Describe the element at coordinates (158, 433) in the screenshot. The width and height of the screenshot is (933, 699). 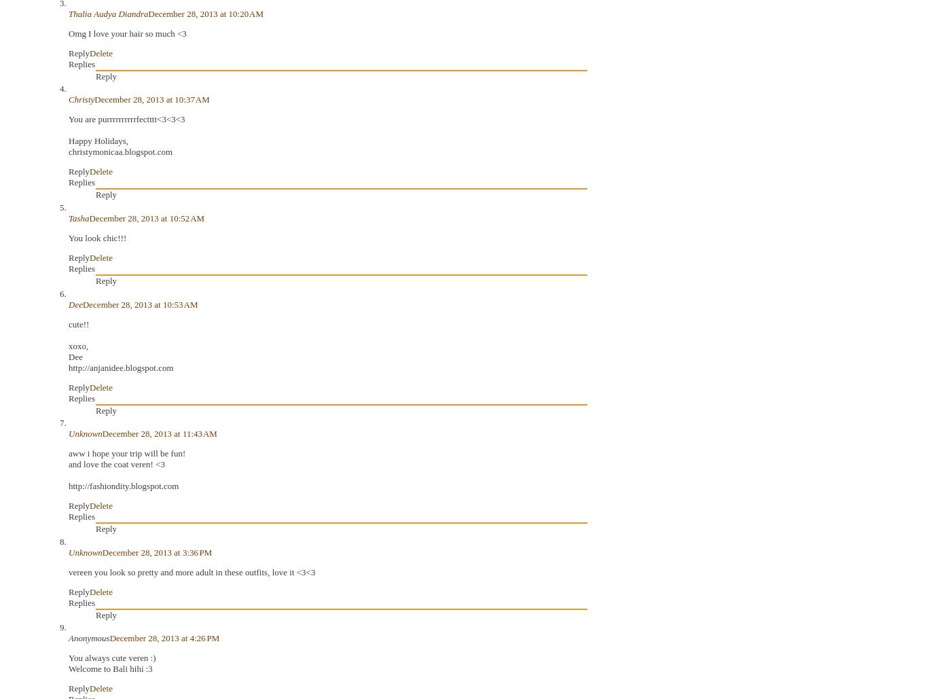
I see `'December 28, 2013 at 11:43 AM'` at that location.